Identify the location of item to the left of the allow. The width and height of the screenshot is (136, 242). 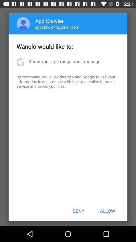
(78, 211).